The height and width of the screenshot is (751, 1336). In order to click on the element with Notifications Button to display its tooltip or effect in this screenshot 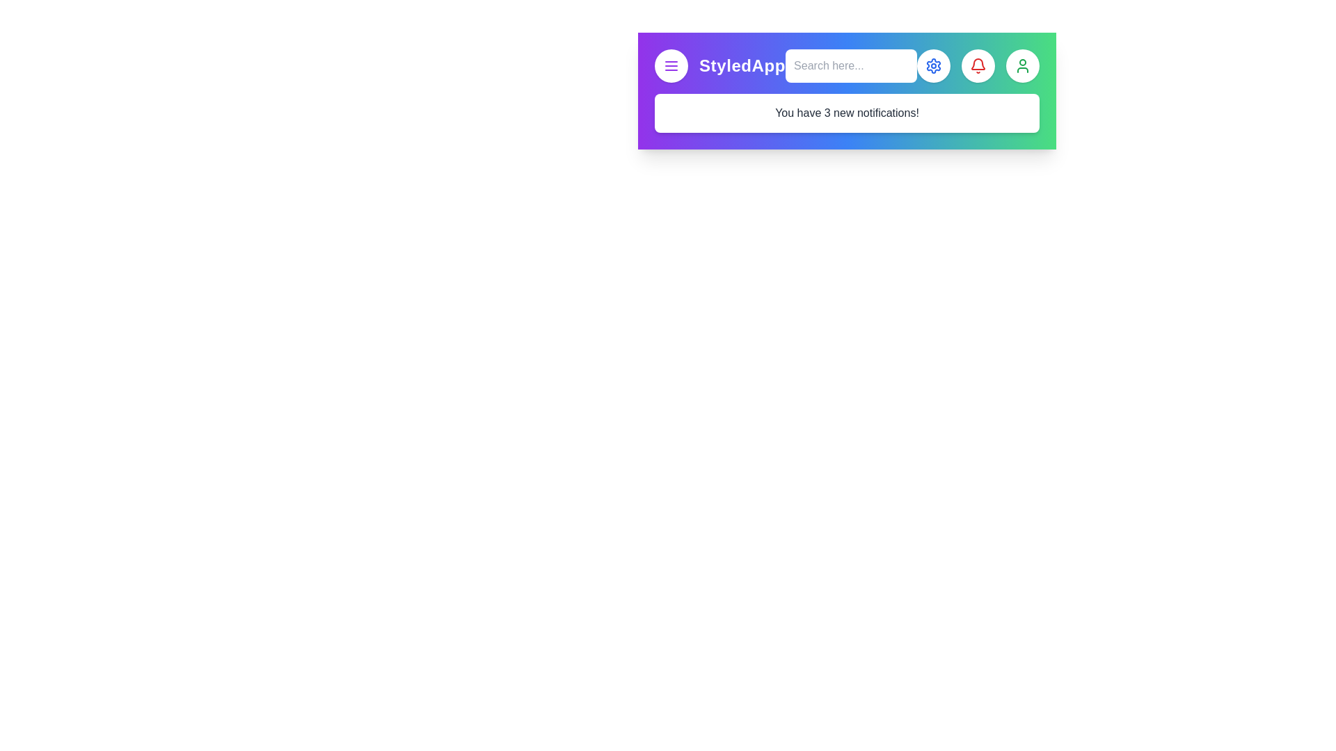, I will do `click(978, 66)`.